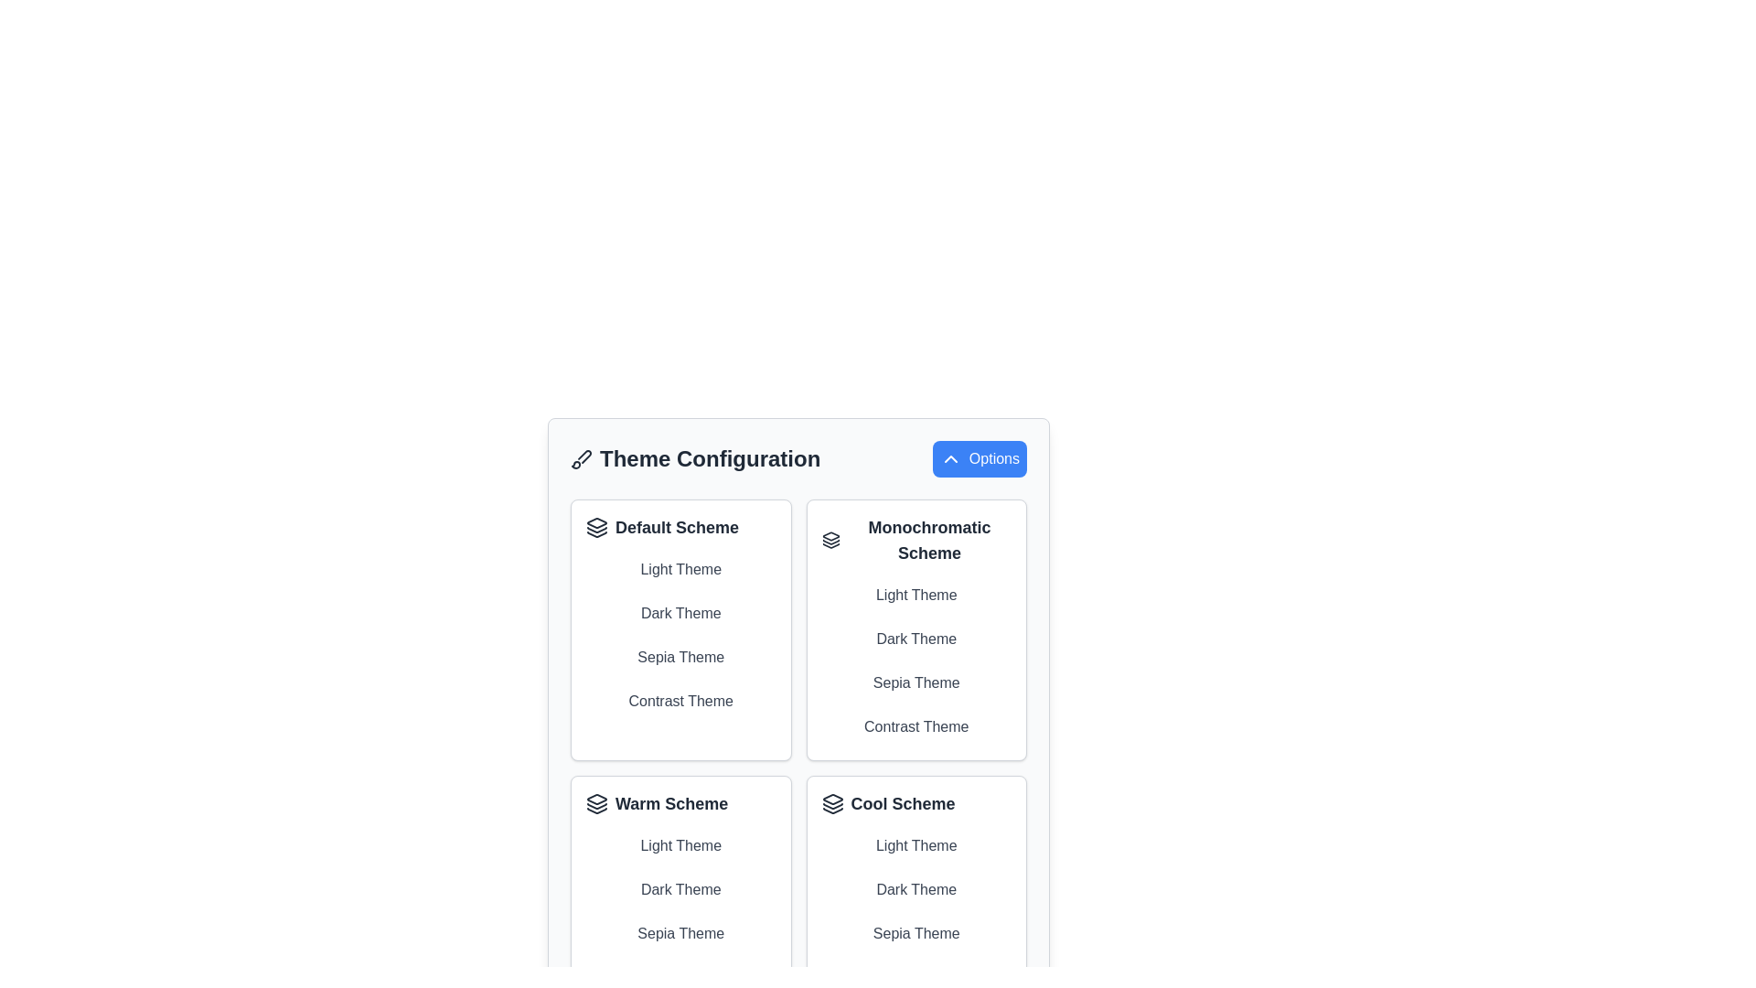 This screenshot has width=1756, height=988. I want to click on the 'Sepia Theme' text label, which is the third option in the theme selection list, to choose the Sepia Theme, so click(680, 656).